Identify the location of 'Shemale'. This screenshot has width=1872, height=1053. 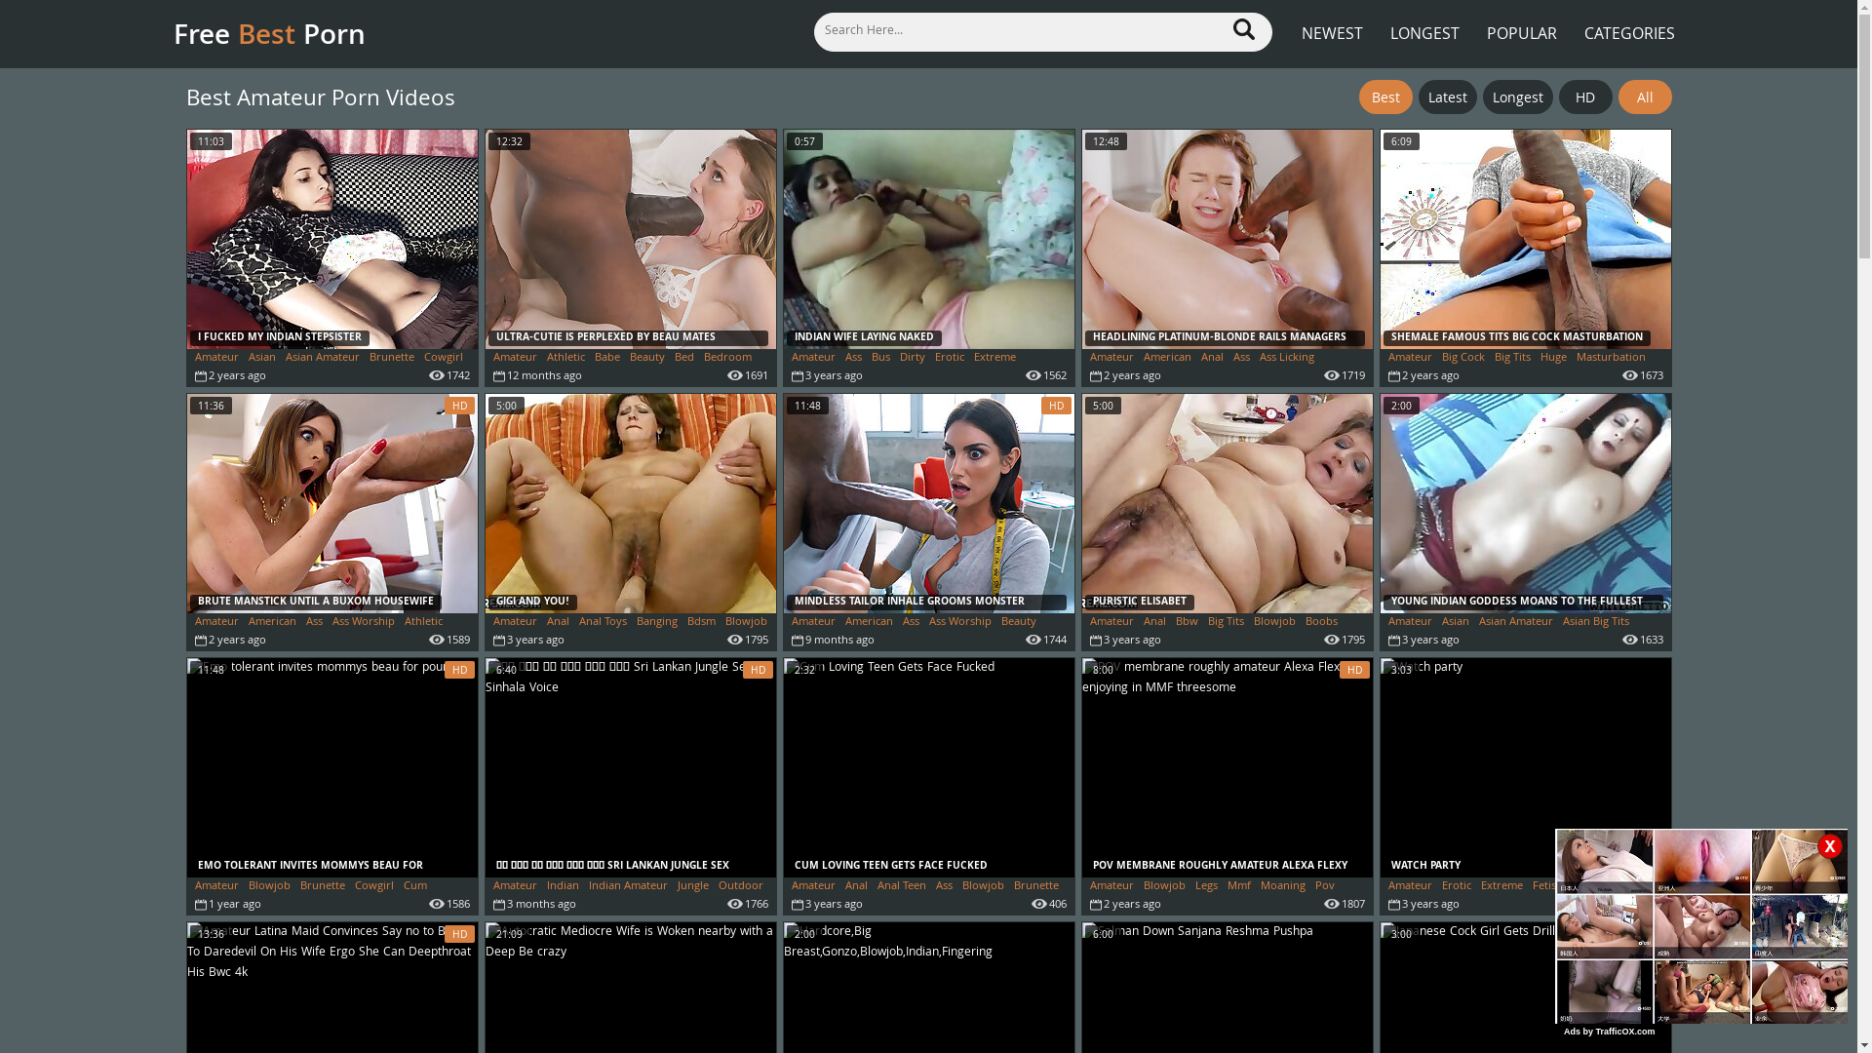
(1409, 374).